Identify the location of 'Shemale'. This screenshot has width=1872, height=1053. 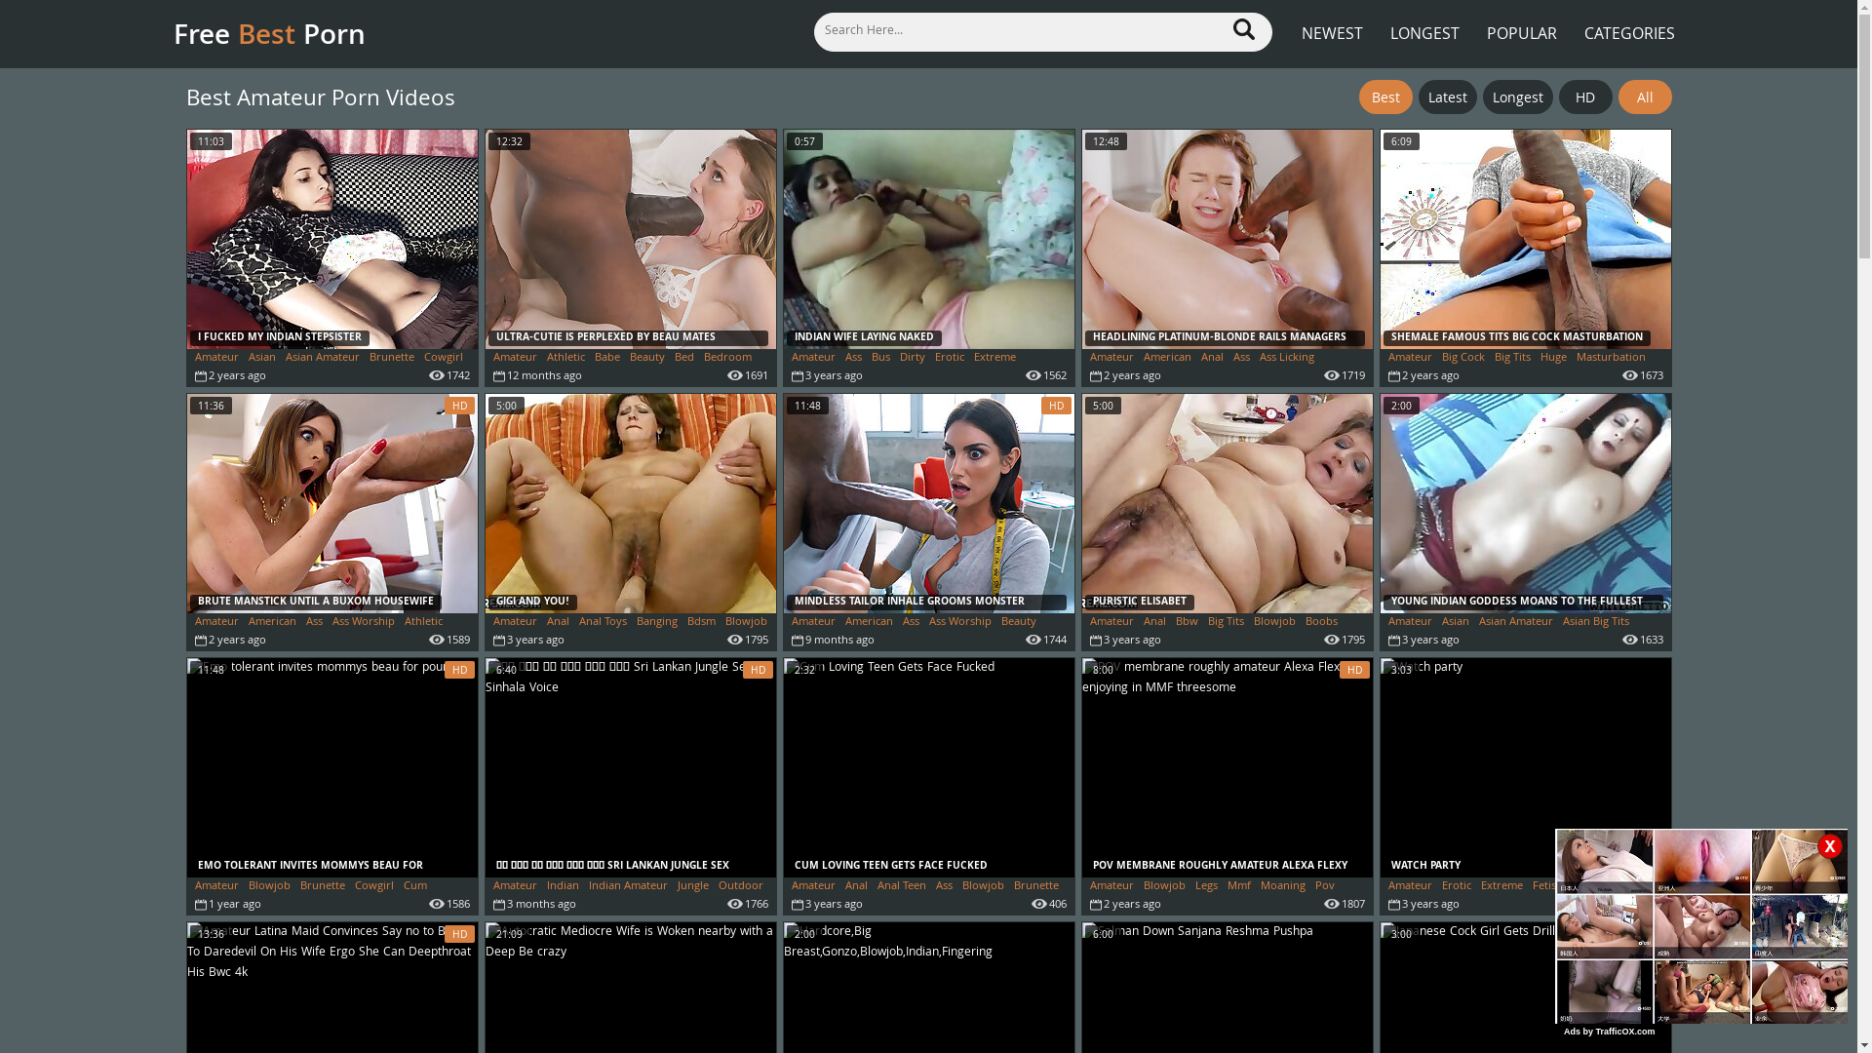
(1409, 374).